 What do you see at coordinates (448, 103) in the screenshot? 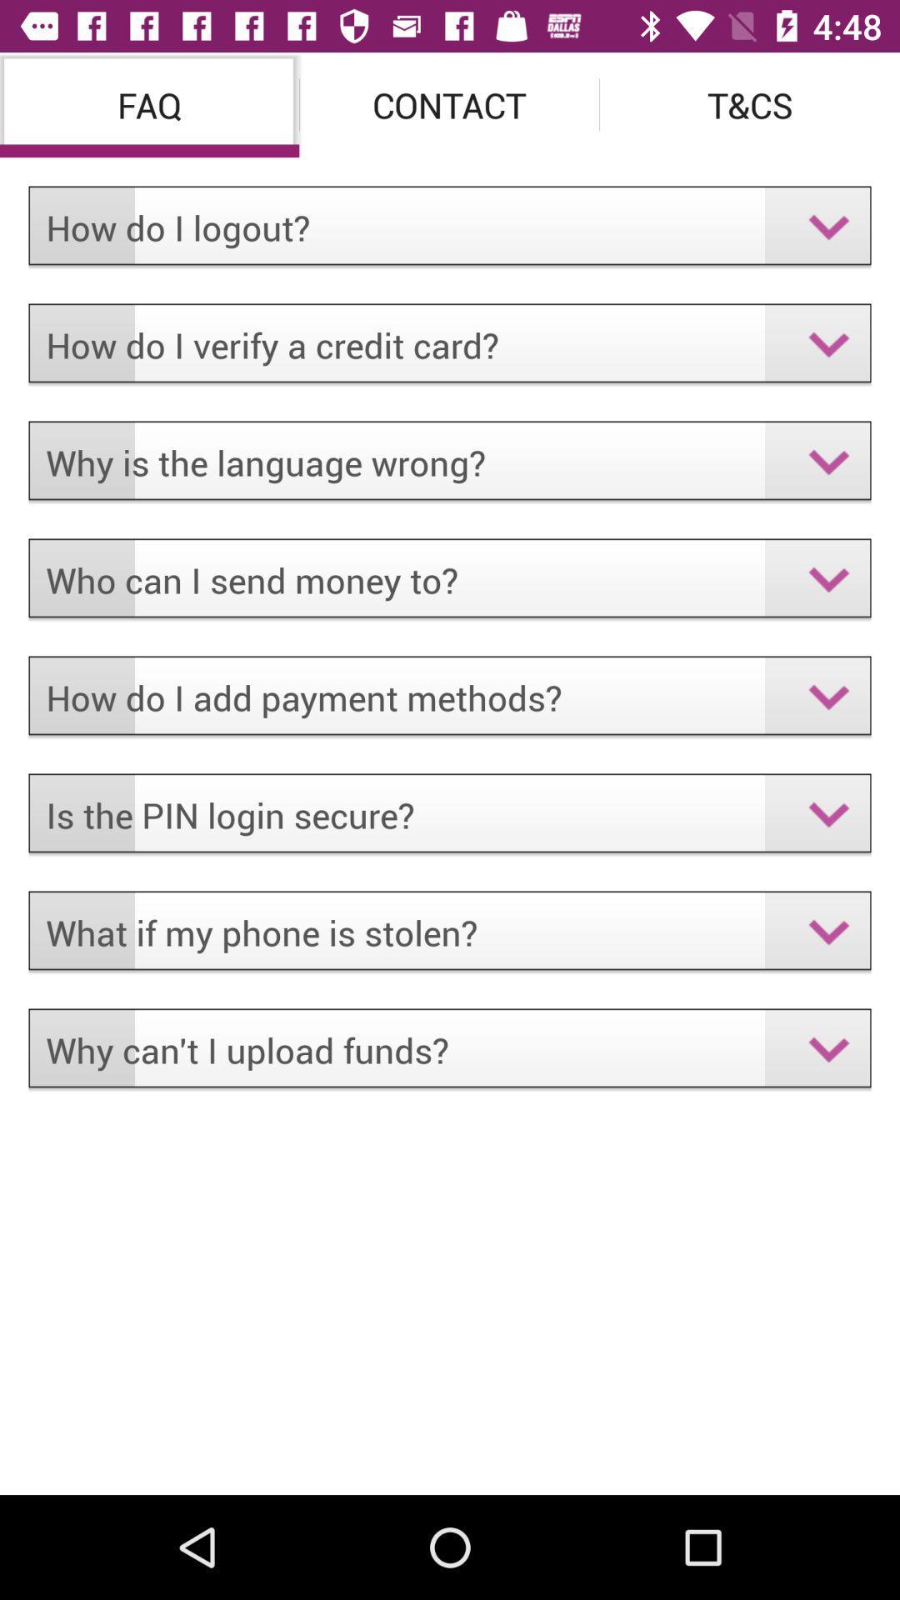
I see `the item next to the faq` at bounding box center [448, 103].